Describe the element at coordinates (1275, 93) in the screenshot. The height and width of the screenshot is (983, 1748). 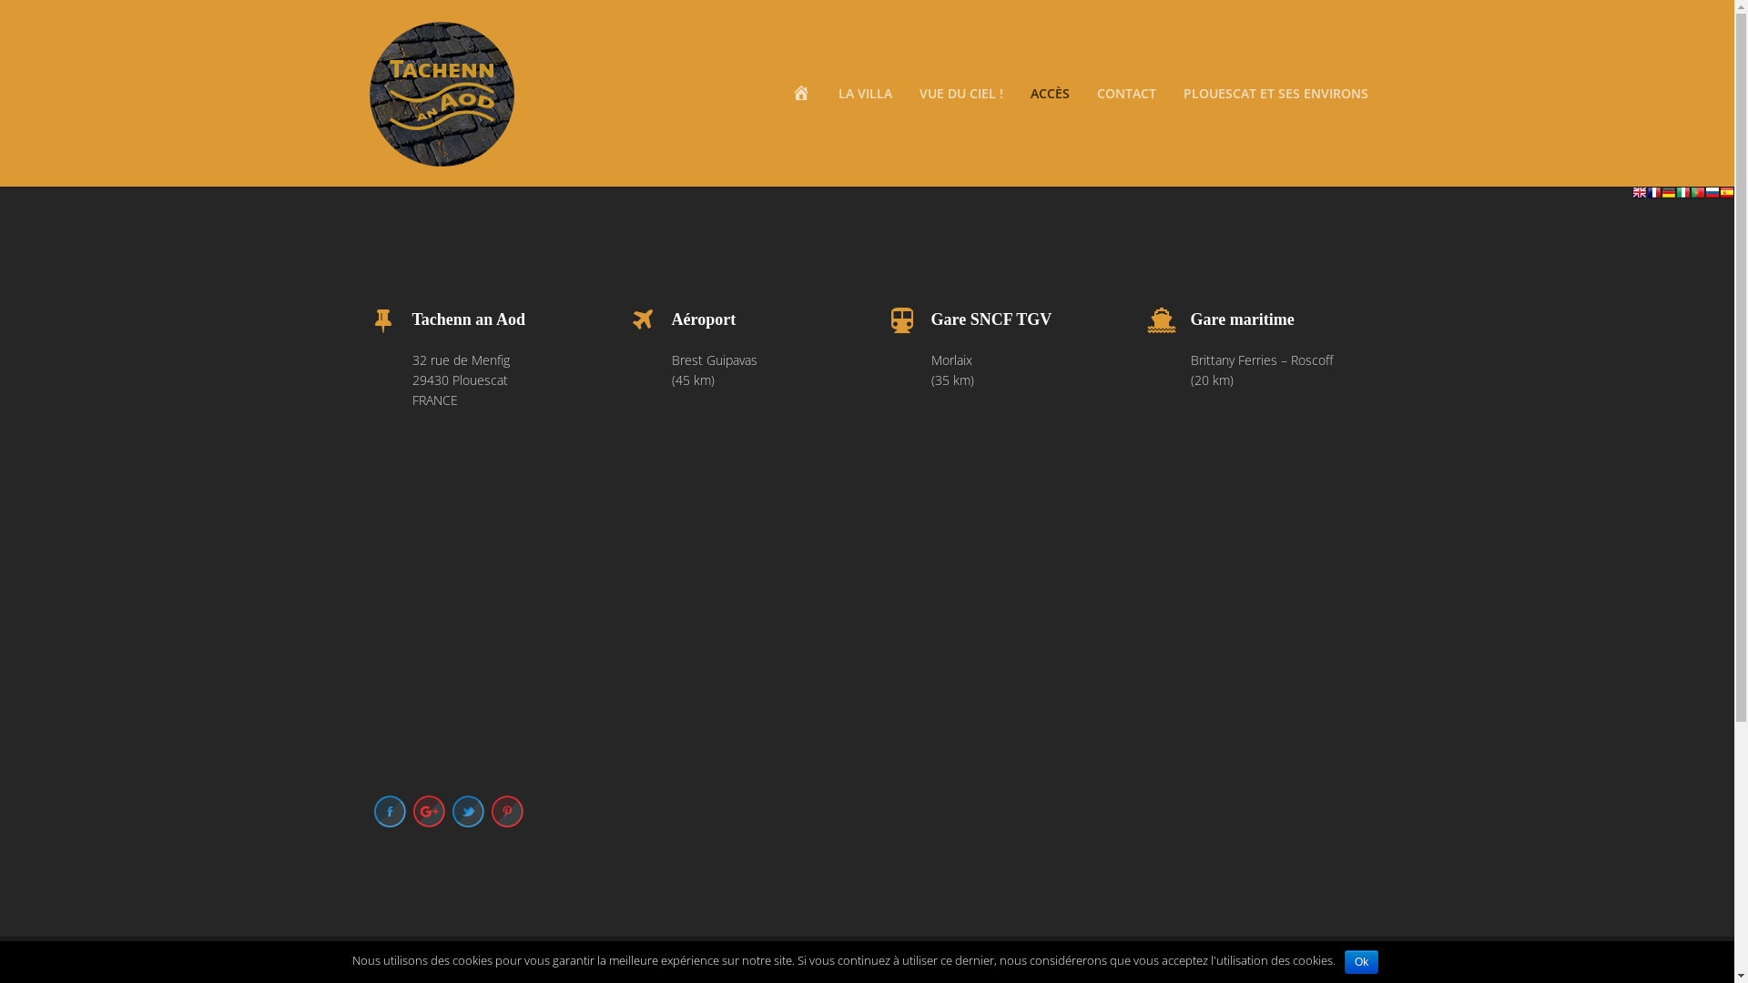
I see `'PLOUESCAT ET SES ENVIRONS'` at that location.